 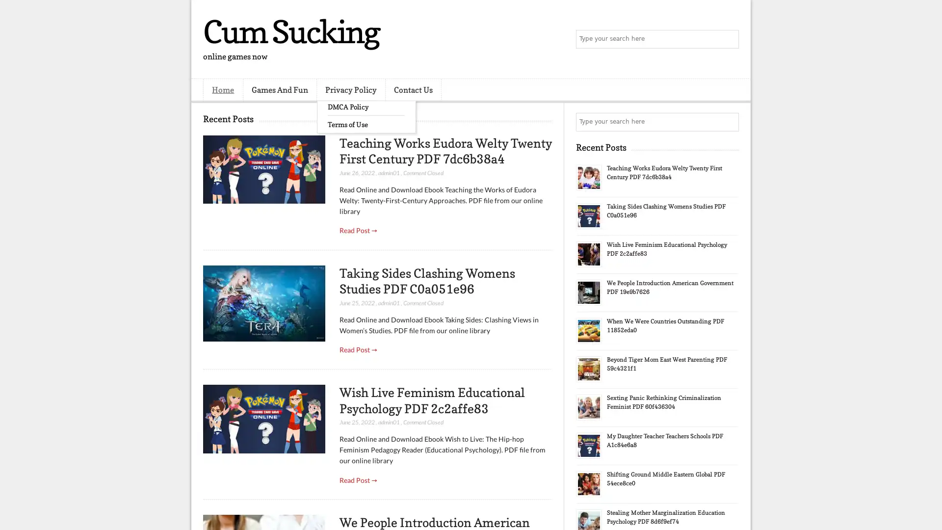 What do you see at coordinates (729, 39) in the screenshot?
I see `Search` at bounding box center [729, 39].